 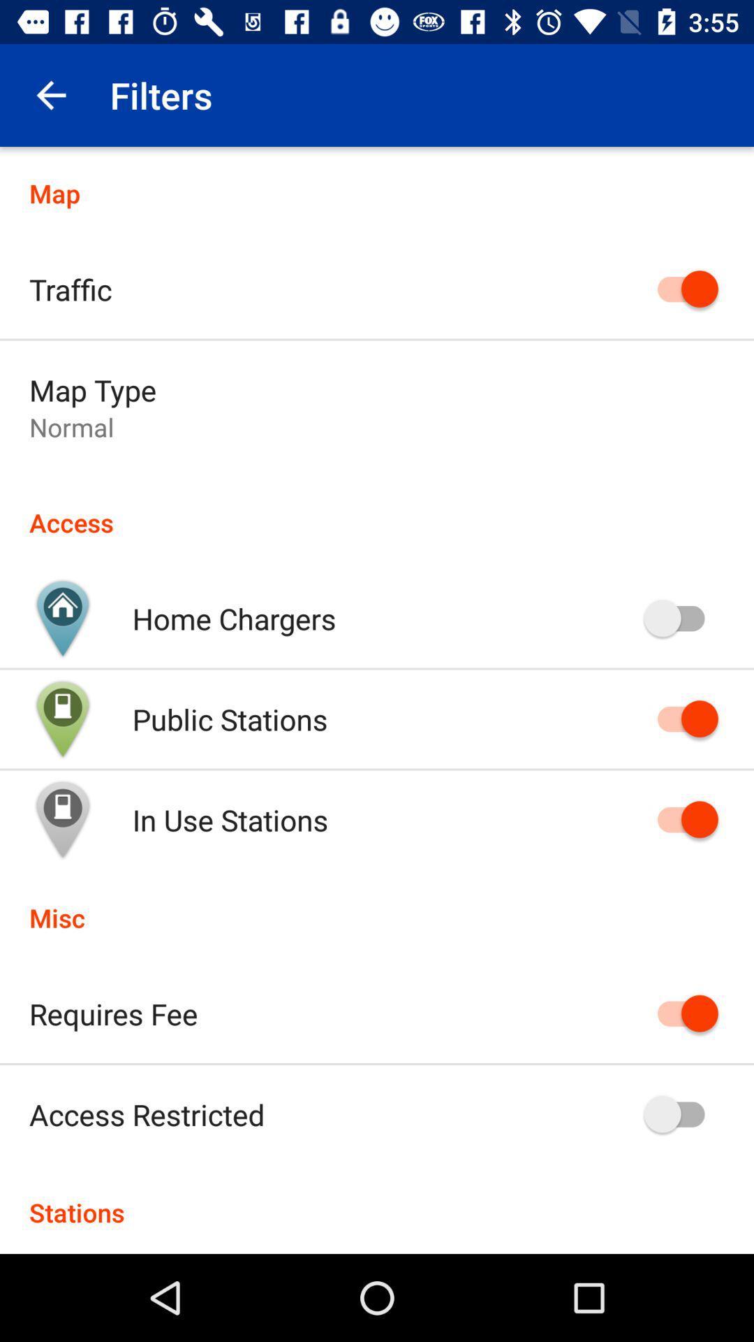 I want to click on icon above map item, so click(x=50, y=94).